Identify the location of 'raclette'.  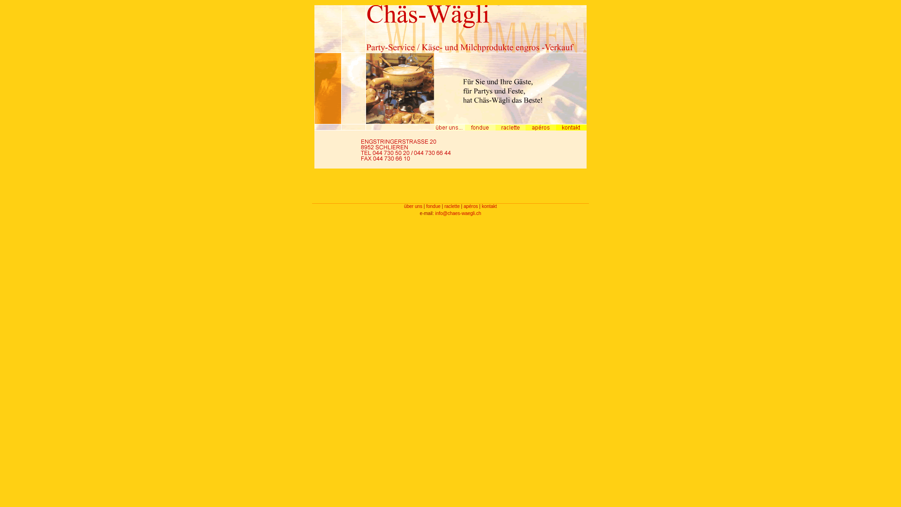
(452, 206).